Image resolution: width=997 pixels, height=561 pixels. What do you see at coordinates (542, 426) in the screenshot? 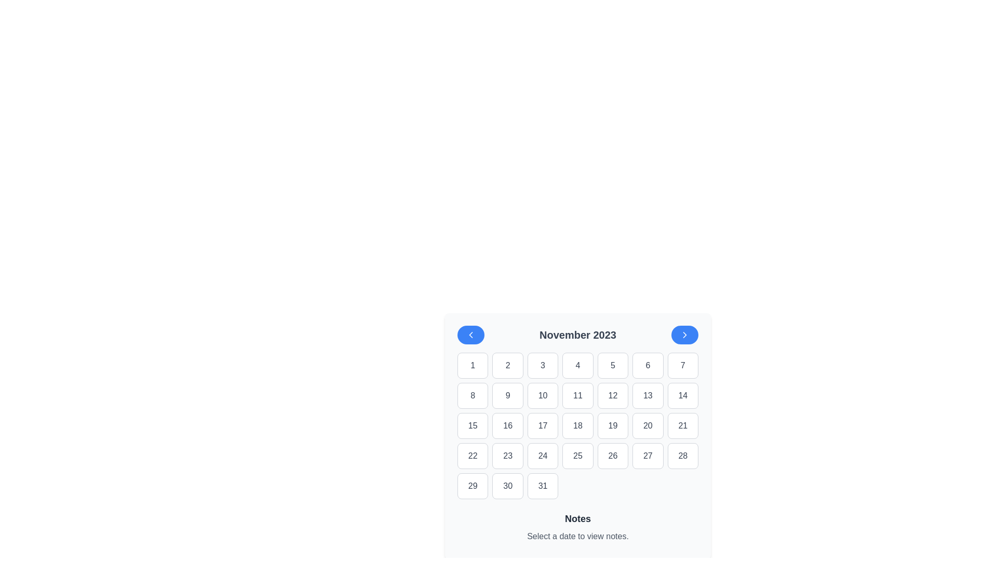
I see `the white square button with rounded corners labeled '17'` at bounding box center [542, 426].